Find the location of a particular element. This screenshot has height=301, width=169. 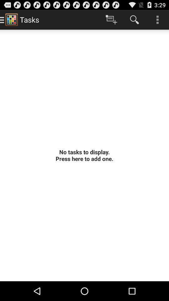

the item at the top is located at coordinates (111, 19).